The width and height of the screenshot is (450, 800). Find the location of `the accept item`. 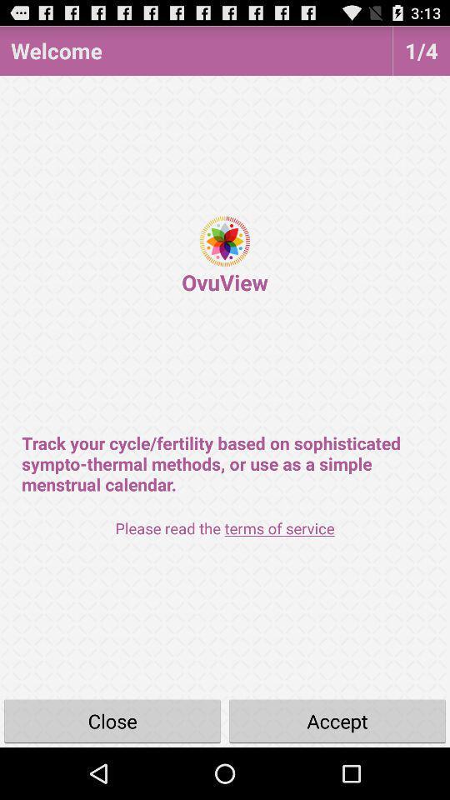

the accept item is located at coordinates (337, 720).